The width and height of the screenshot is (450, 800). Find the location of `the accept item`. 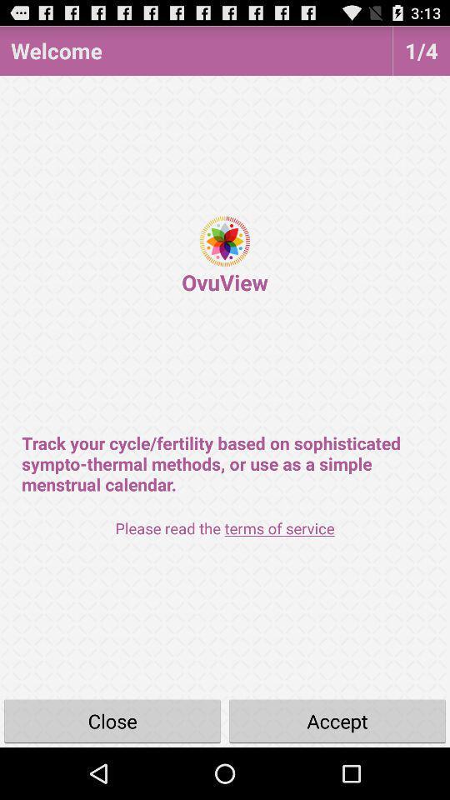

the accept item is located at coordinates (337, 720).